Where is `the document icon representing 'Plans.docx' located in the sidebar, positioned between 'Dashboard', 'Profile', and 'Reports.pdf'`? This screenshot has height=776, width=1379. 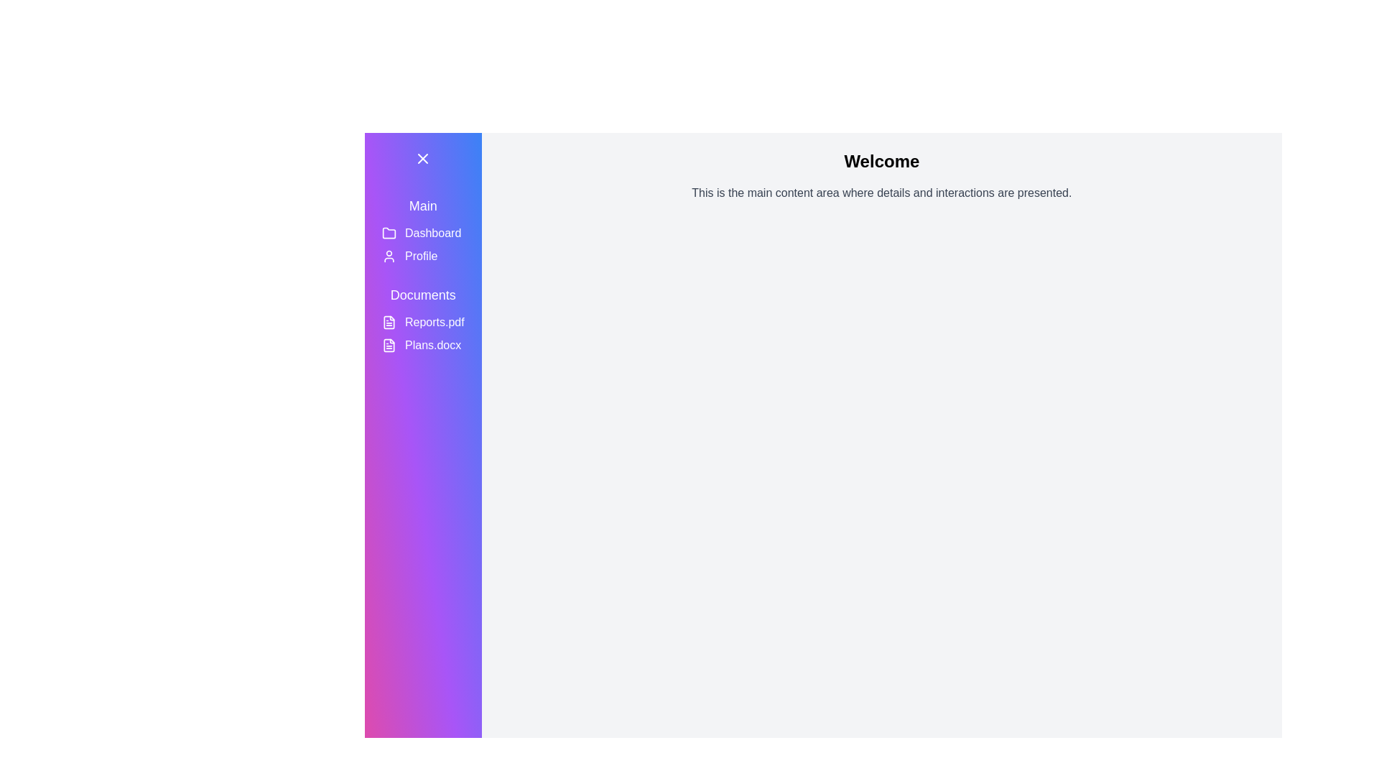 the document icon representing 'Plans.docx' located in the sidebar, positioned between 'Dashboard', 'Profile', and 'Reports.pdf' is located at coordinates (389, 346).